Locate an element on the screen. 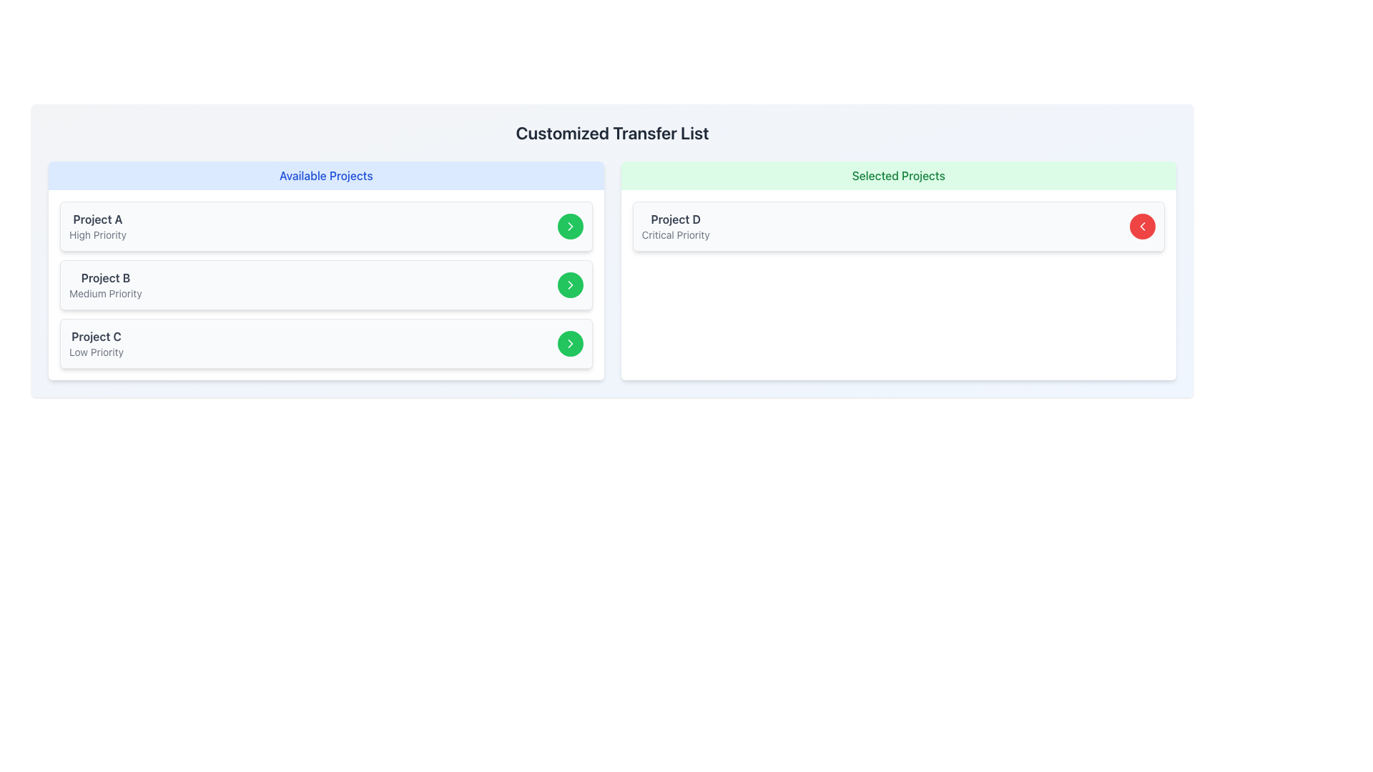  the Static Text Display containing the title 'Project B' and the label 'Medium Priority' in the second card of the 'Available Projects' section is located at coordinates (104, 284).